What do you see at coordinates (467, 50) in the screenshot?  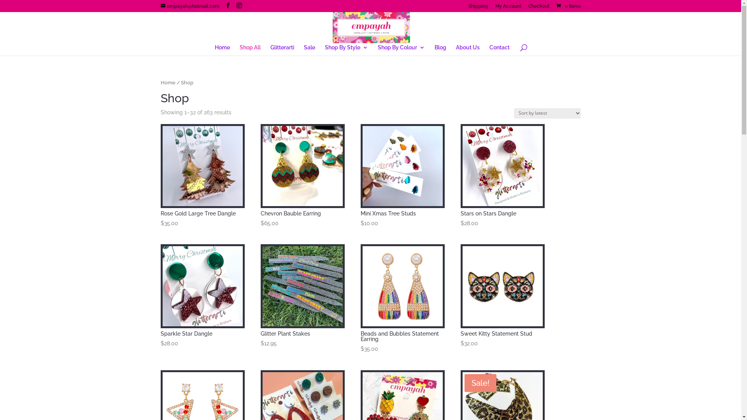 I see `'About Us'` at bounding box center [467, 50].